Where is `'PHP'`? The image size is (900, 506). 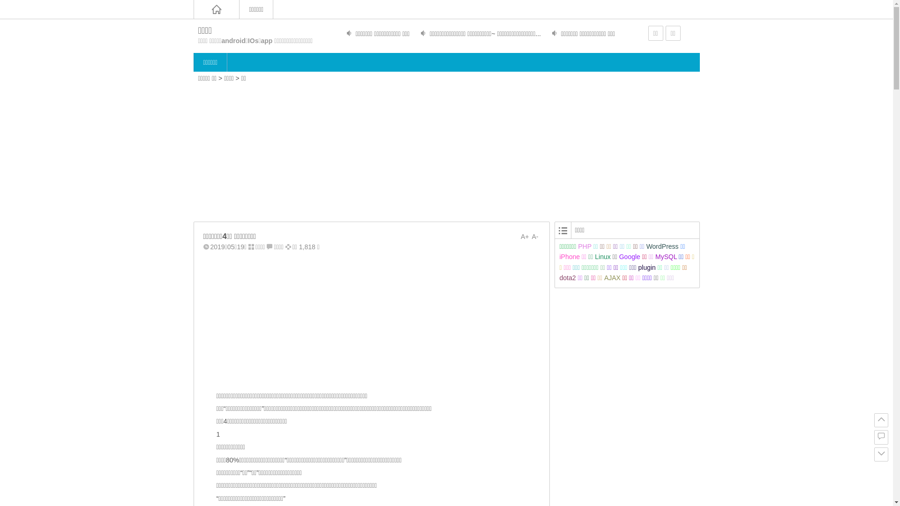
'PHP' is located at coordinates (584, 246).